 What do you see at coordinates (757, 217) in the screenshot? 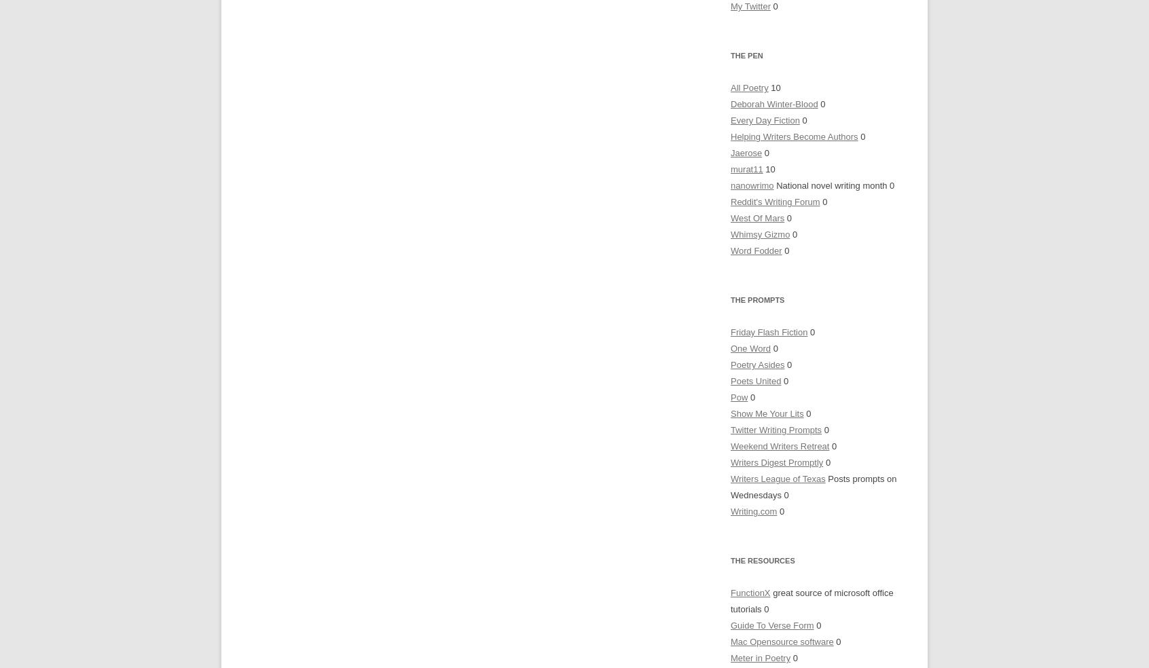
I see `'West Of Mars'` at bounding box center [757, 217].